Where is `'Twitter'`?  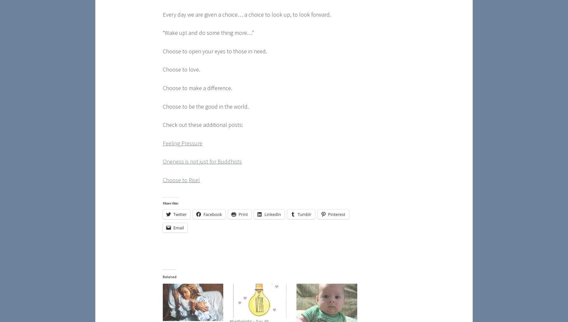
'Twitter' is located at coordinates (180, 214).